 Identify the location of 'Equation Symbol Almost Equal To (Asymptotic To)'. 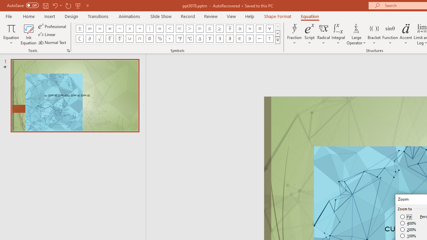
(249, 28).